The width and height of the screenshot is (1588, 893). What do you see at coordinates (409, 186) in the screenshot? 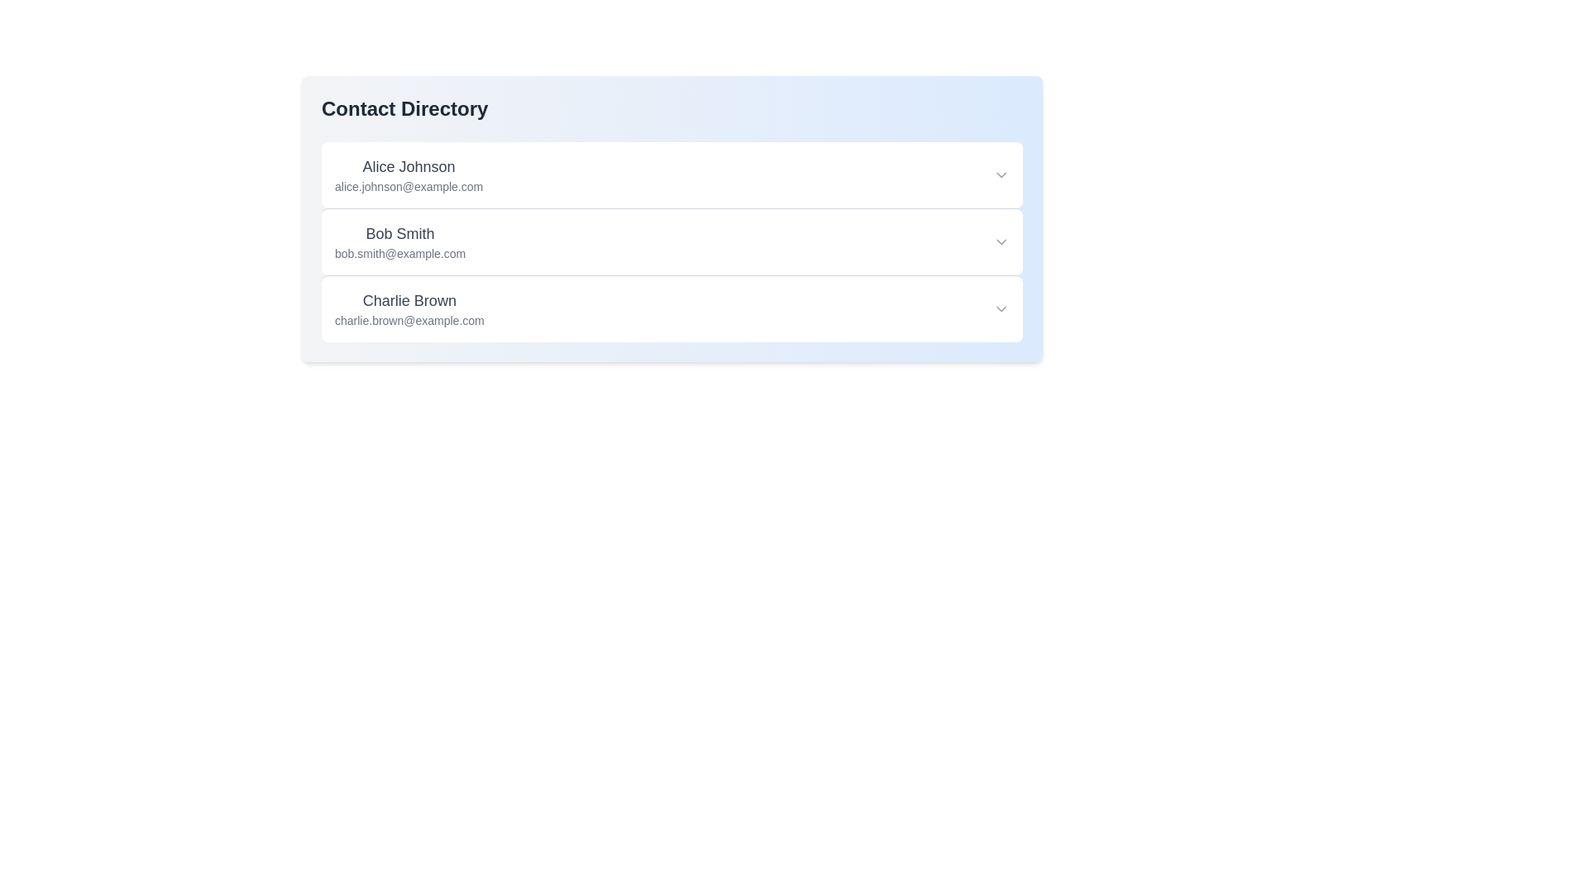
I see `the plain text displaying the email address for the contact 'Alice Johnson', located below the name in the contact directory list` at bounding box center [409, 186].